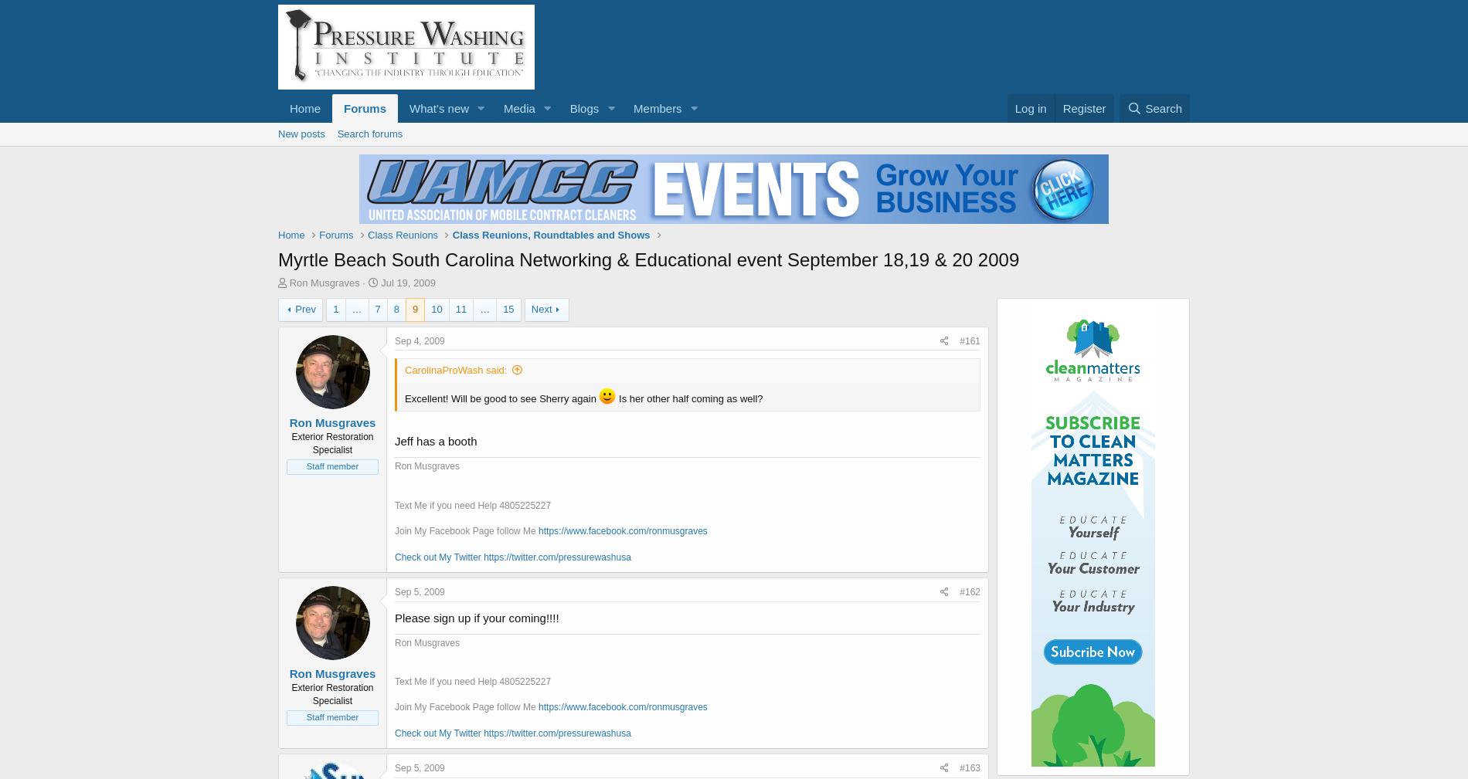 This screenshot has width=1468, height=779. What do you see at coordinates (437, 308) in the screenshot?
I see `'10'` at bounding box center [437, 308].